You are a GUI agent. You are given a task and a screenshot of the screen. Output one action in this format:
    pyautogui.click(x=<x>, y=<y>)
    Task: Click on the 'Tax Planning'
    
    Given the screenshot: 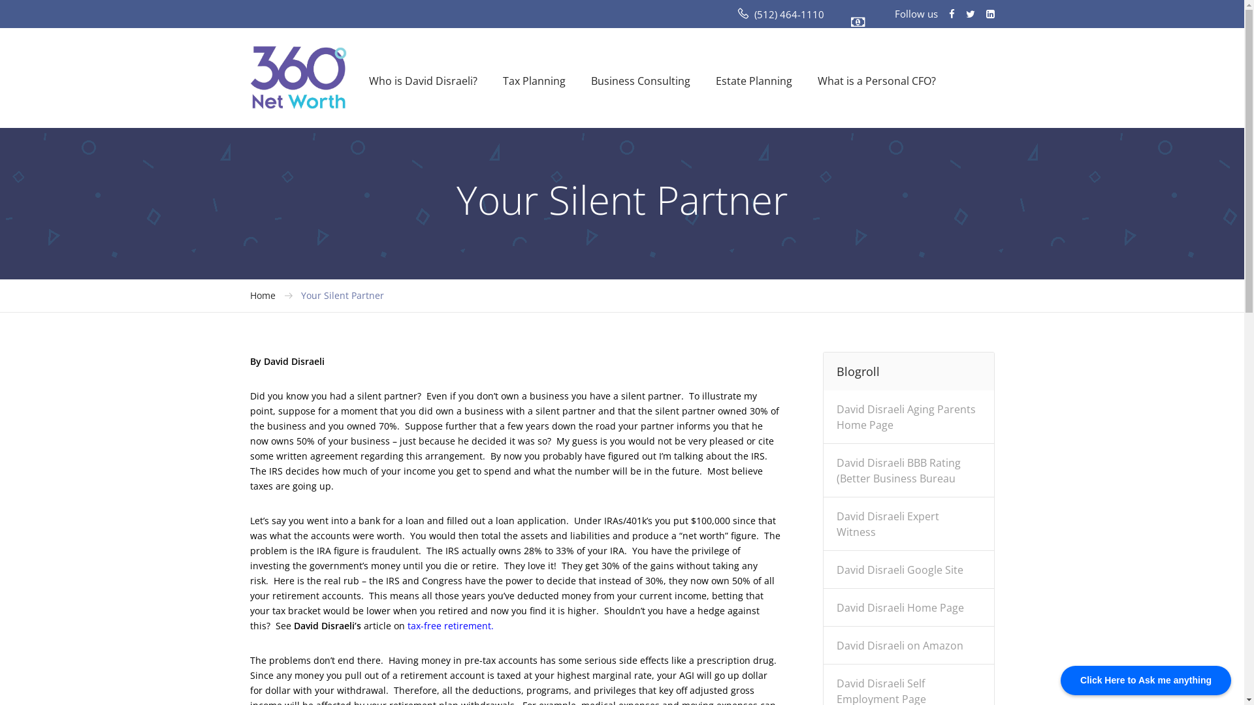 What is the action you would take?
    pyautogui.click(x=502, y=80)
    